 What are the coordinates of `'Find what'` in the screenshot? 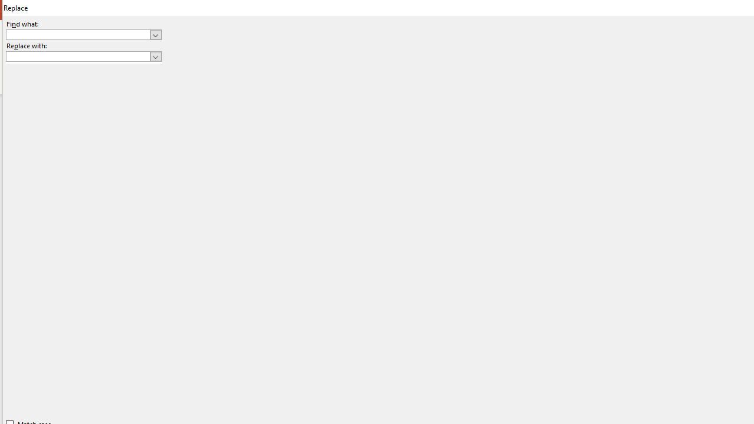 It's located at (83, 34).